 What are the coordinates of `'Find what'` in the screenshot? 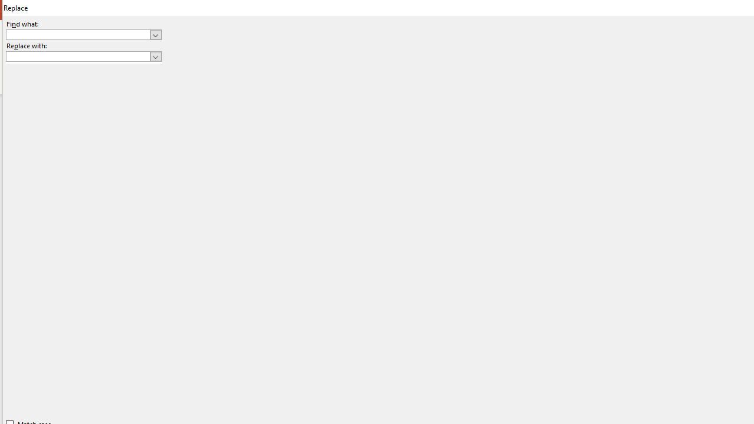 It's located at (83, 34).